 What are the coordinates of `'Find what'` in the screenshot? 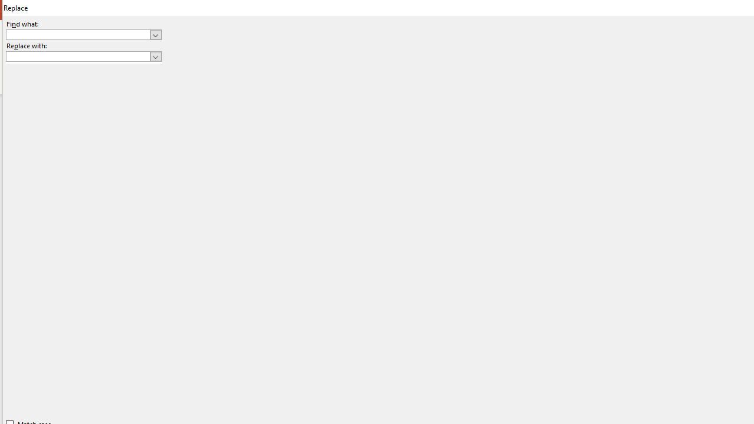 It's located at (83, 34).